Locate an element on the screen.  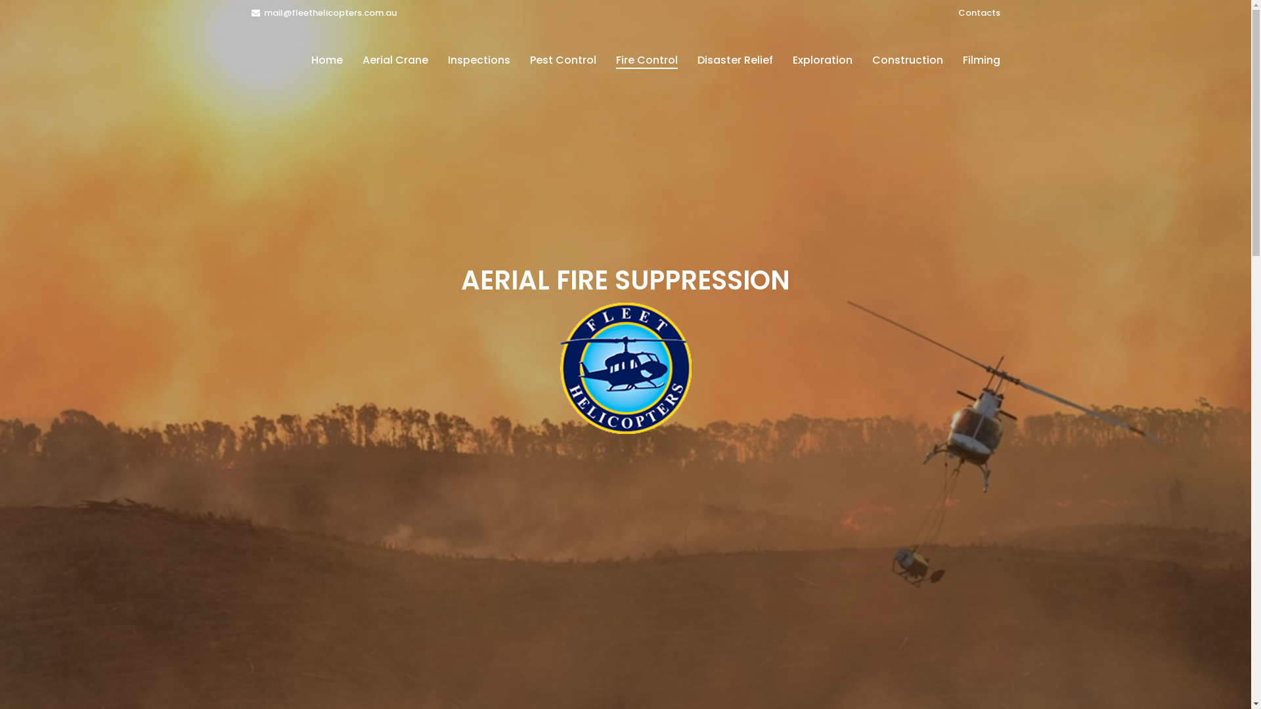
'Exploration' is located at coordinates (782, 60).